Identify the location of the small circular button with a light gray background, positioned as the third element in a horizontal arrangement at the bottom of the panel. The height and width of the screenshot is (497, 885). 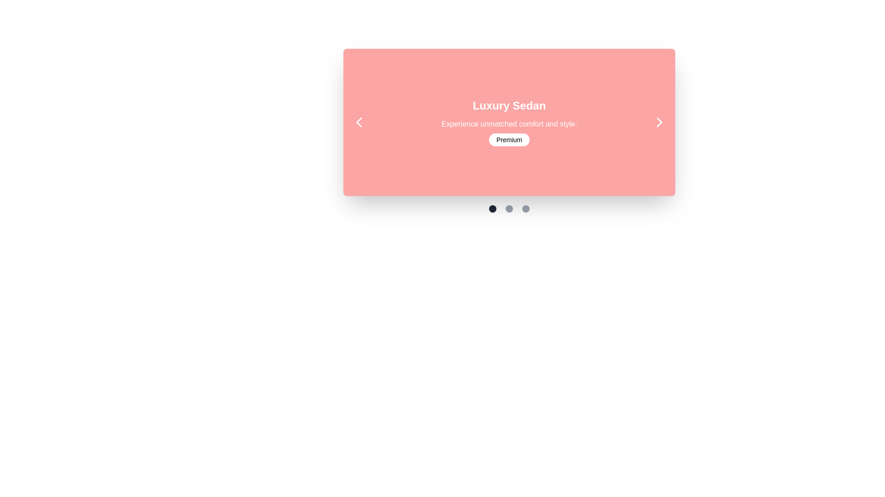
(526, 209).